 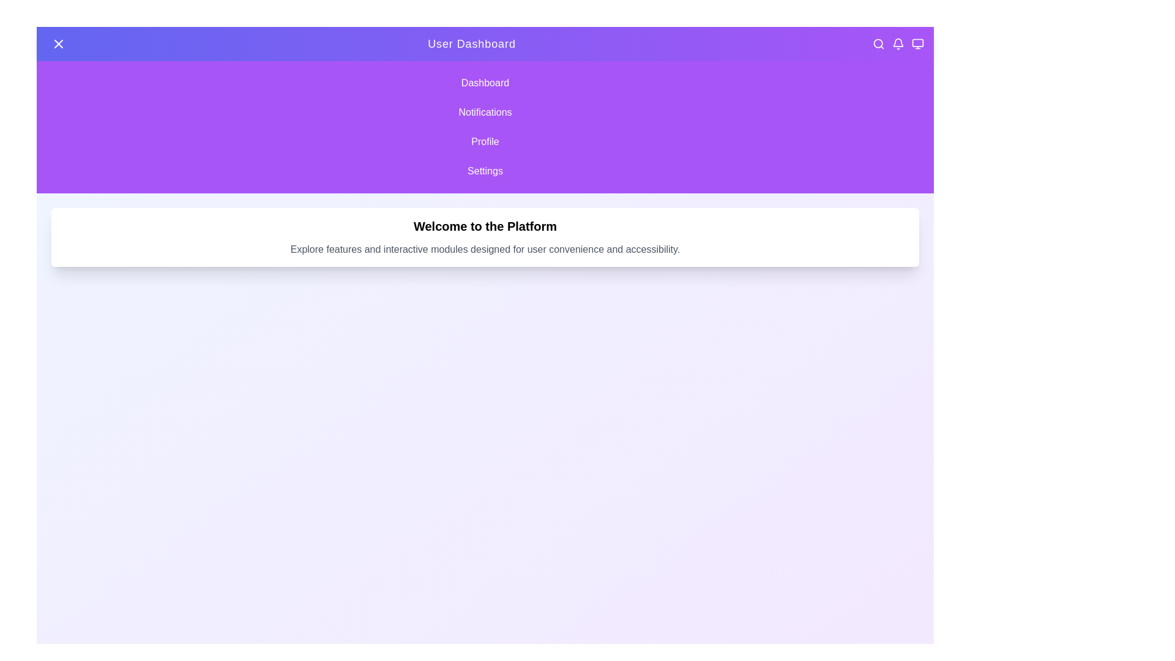 What do you see at coordinates (484, 113) in the screenshot?
I see `the menu item Notifications to observe the hover effect` at bounding box center [484, 113].